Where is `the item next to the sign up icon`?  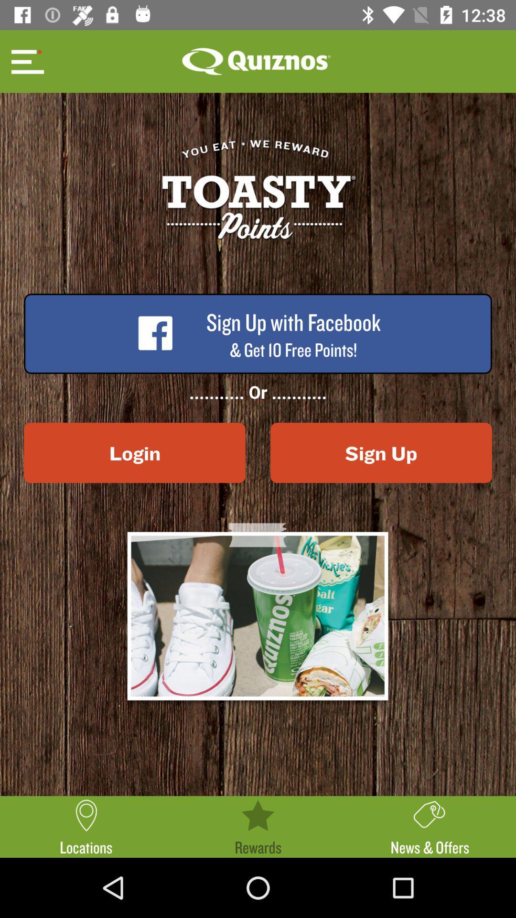
the item next to the sign up icon is located at coordinates (134, 452).